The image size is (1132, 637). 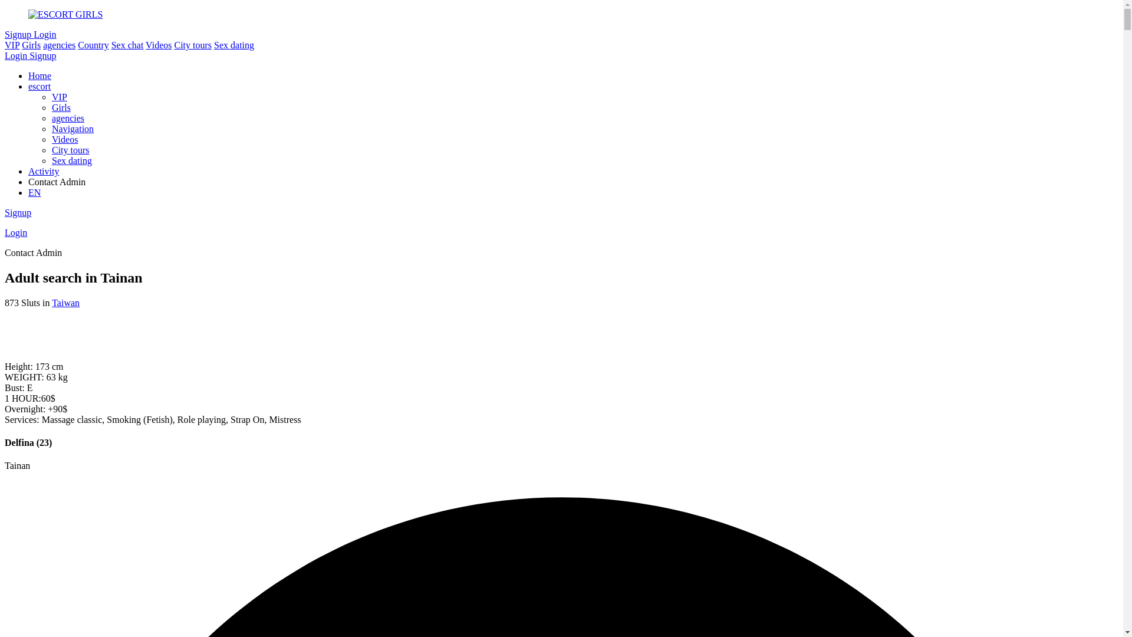 I want to click on 'EN', so click(x=34, y=192).